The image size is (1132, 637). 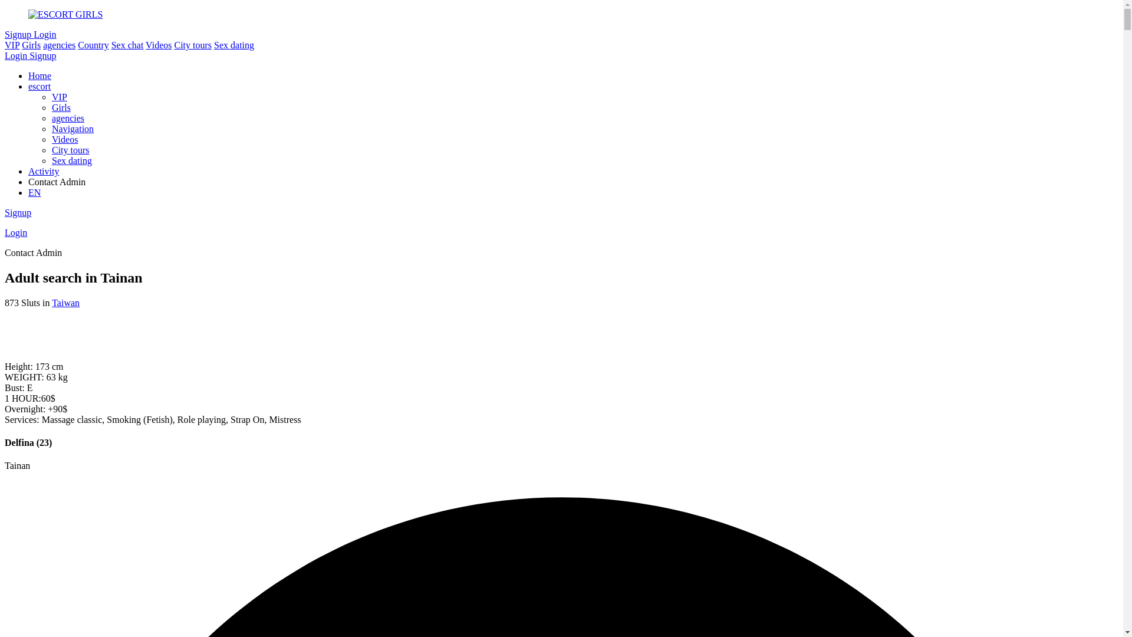 I want to click on 'EN', so click(x=34, y=192).